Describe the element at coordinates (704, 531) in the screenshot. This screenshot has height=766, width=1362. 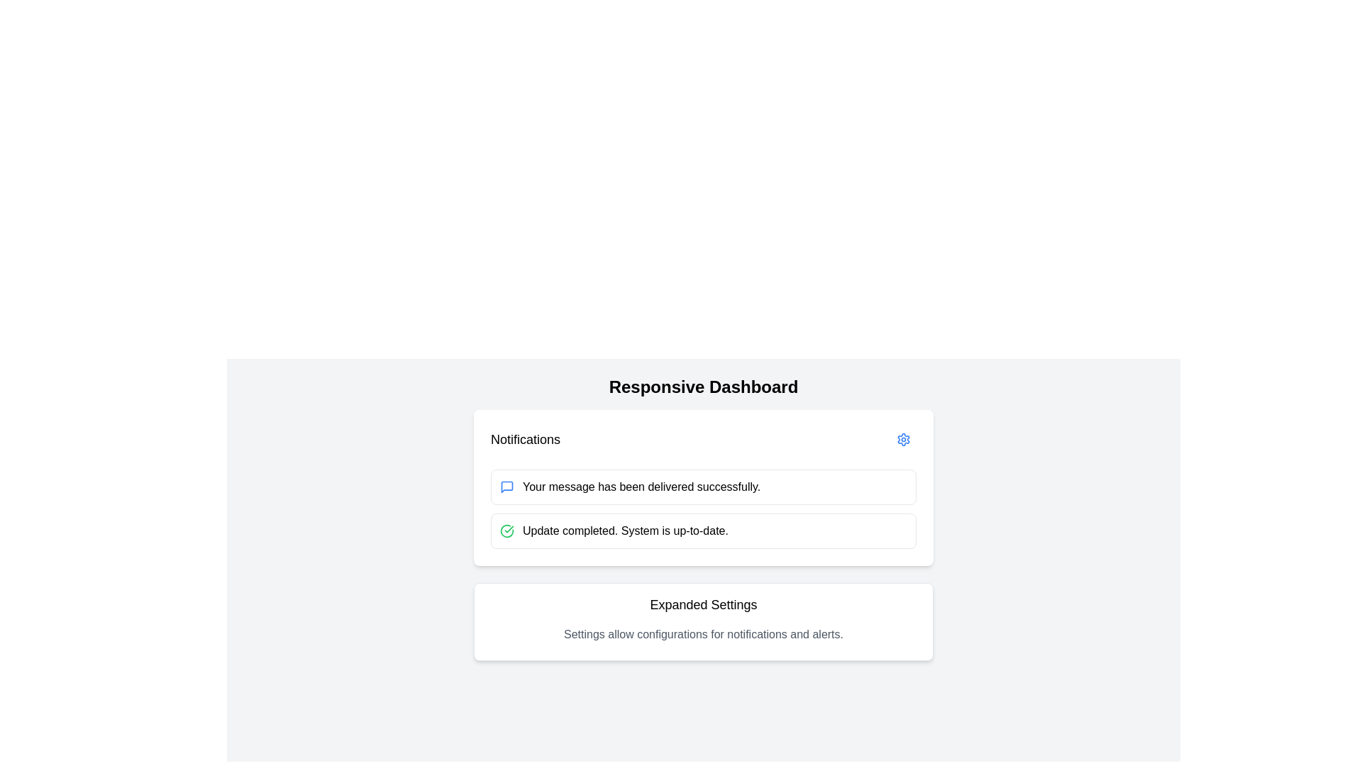
I see `the static notification message that indicates 'Update completed. System is up-to-date.' which contains a green check icon and is positioned in the second position of the notification list` at that location.